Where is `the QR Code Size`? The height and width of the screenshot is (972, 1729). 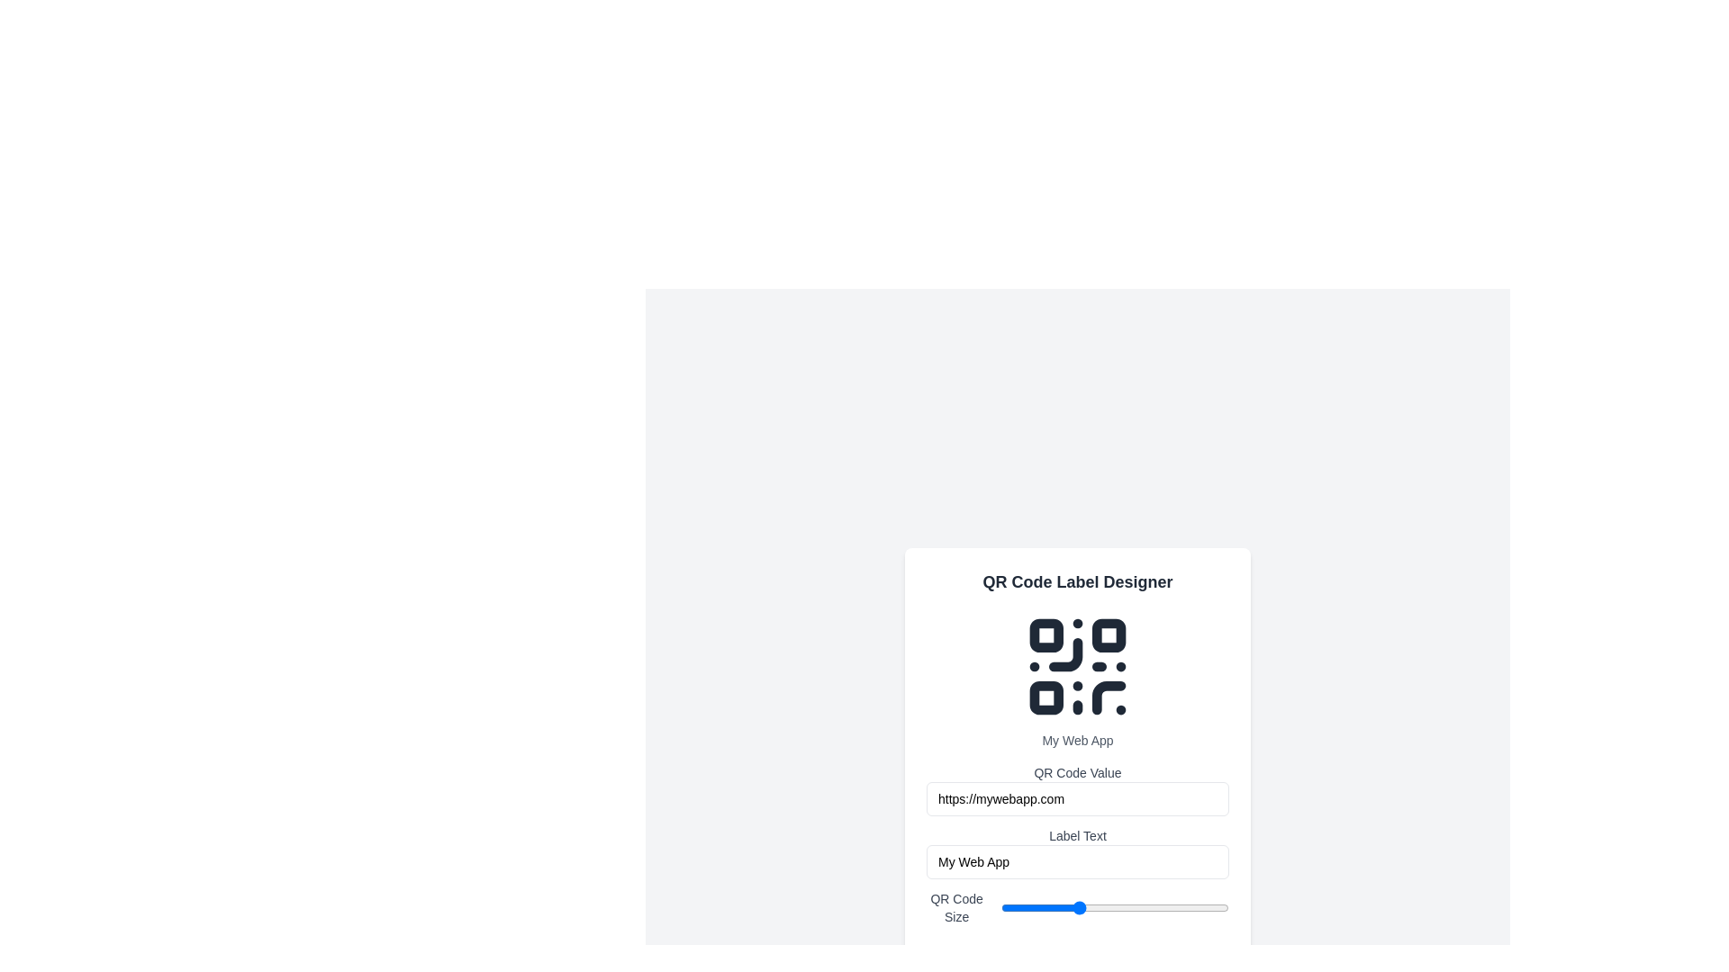
the QR Code Size is located at coordinates (1212, 908).